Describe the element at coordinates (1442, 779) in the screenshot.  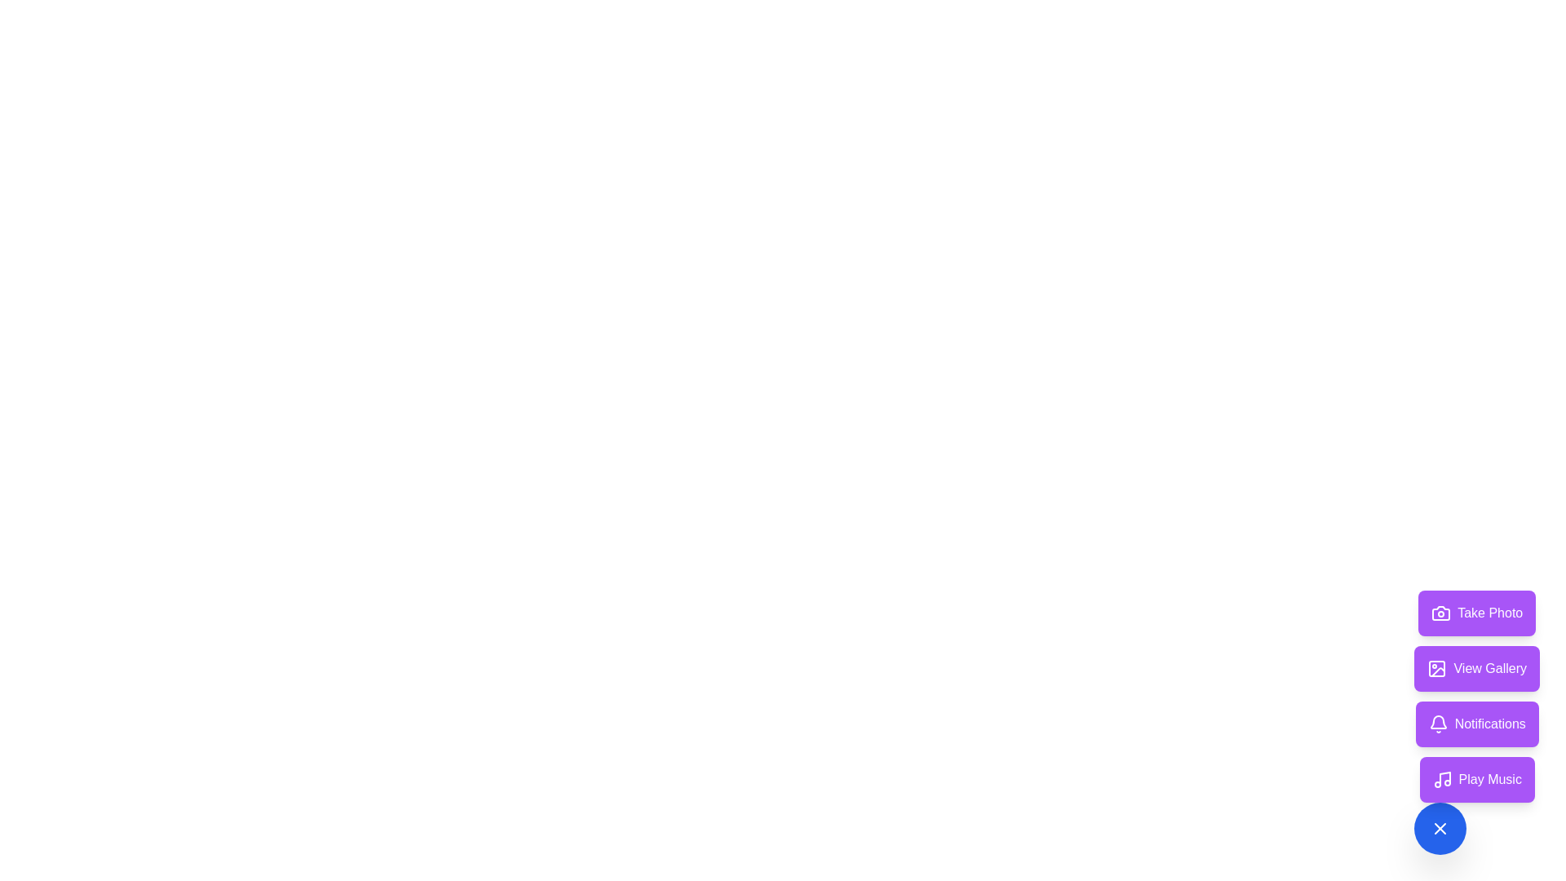
I see `the music note icon located to the left of the 'Play Music' label within the purple button to initiate the music action` at that location.